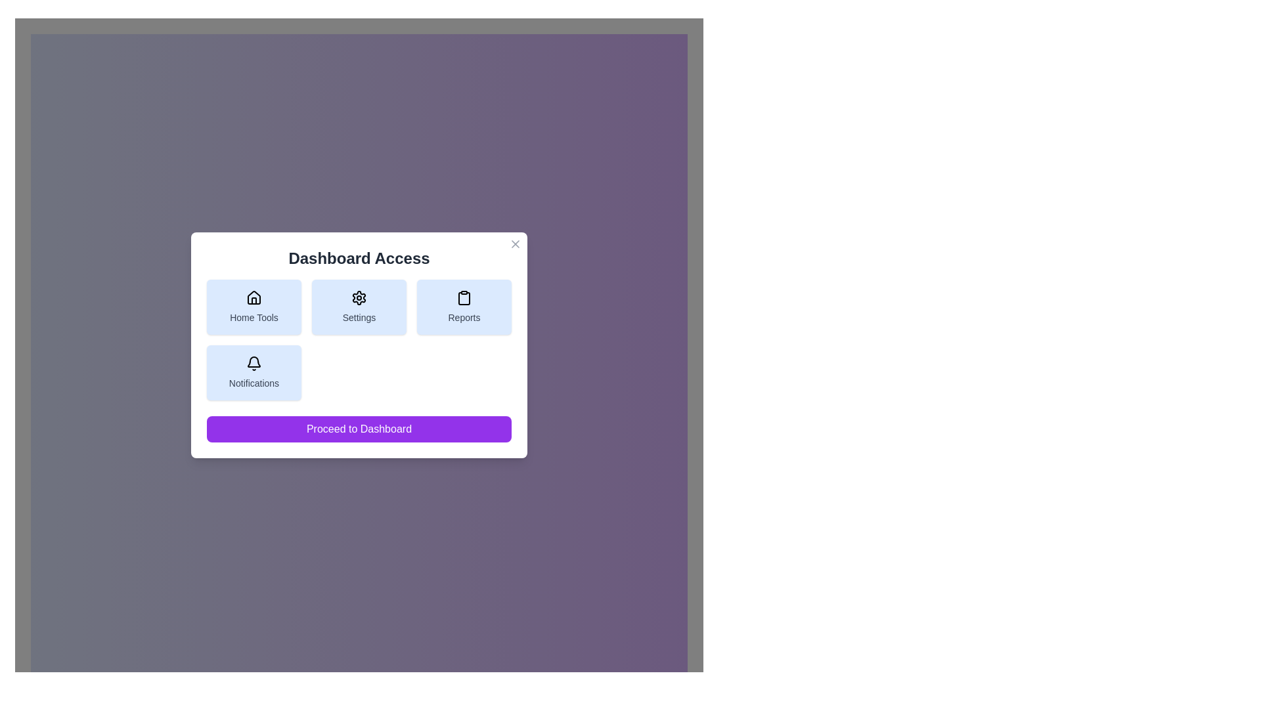 The width and height of the screenshot is (1261, 709). I want to click on the fourth button in the grid layout on the 'Dashboard Access' modal, so click(254, 372).